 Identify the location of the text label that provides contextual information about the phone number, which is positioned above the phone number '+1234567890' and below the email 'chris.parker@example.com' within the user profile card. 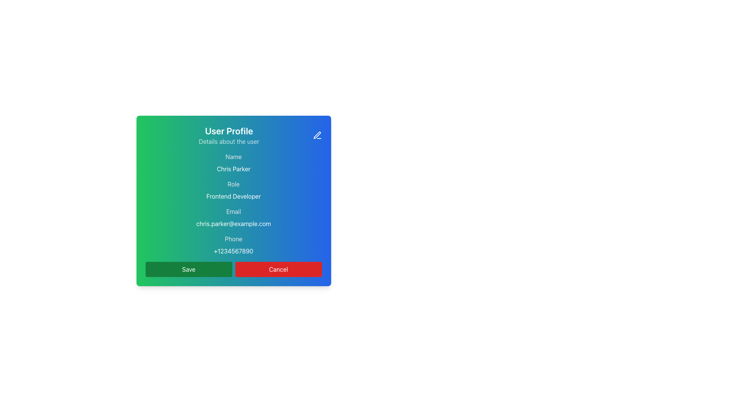
(233, 239).